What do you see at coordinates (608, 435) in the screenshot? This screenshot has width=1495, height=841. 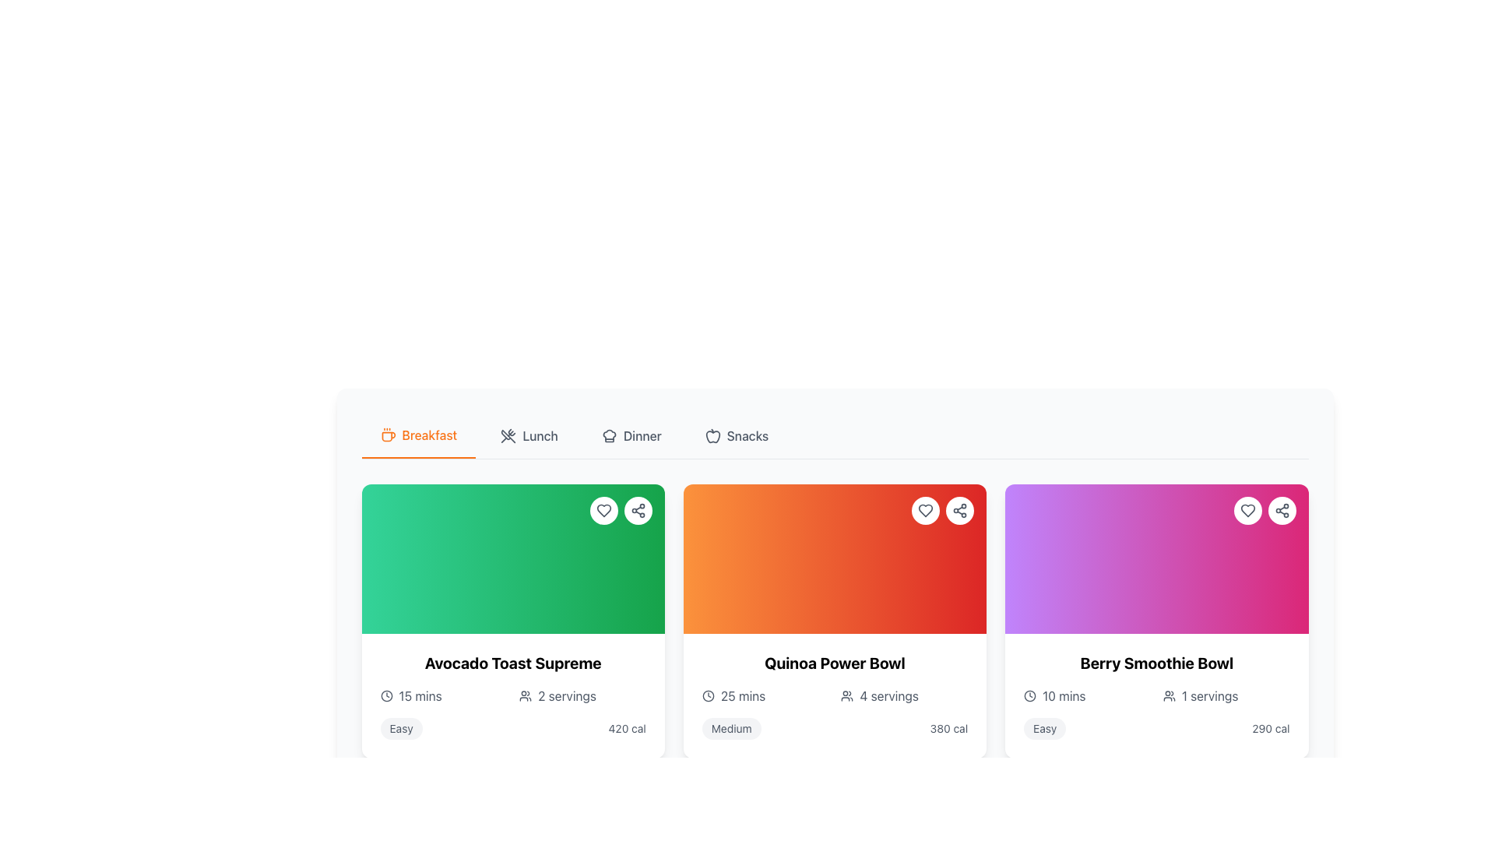 I see `the chef's hat icon in the navigation menu located to the left of the 'Dinner' text` at bounding box center [608, 435].